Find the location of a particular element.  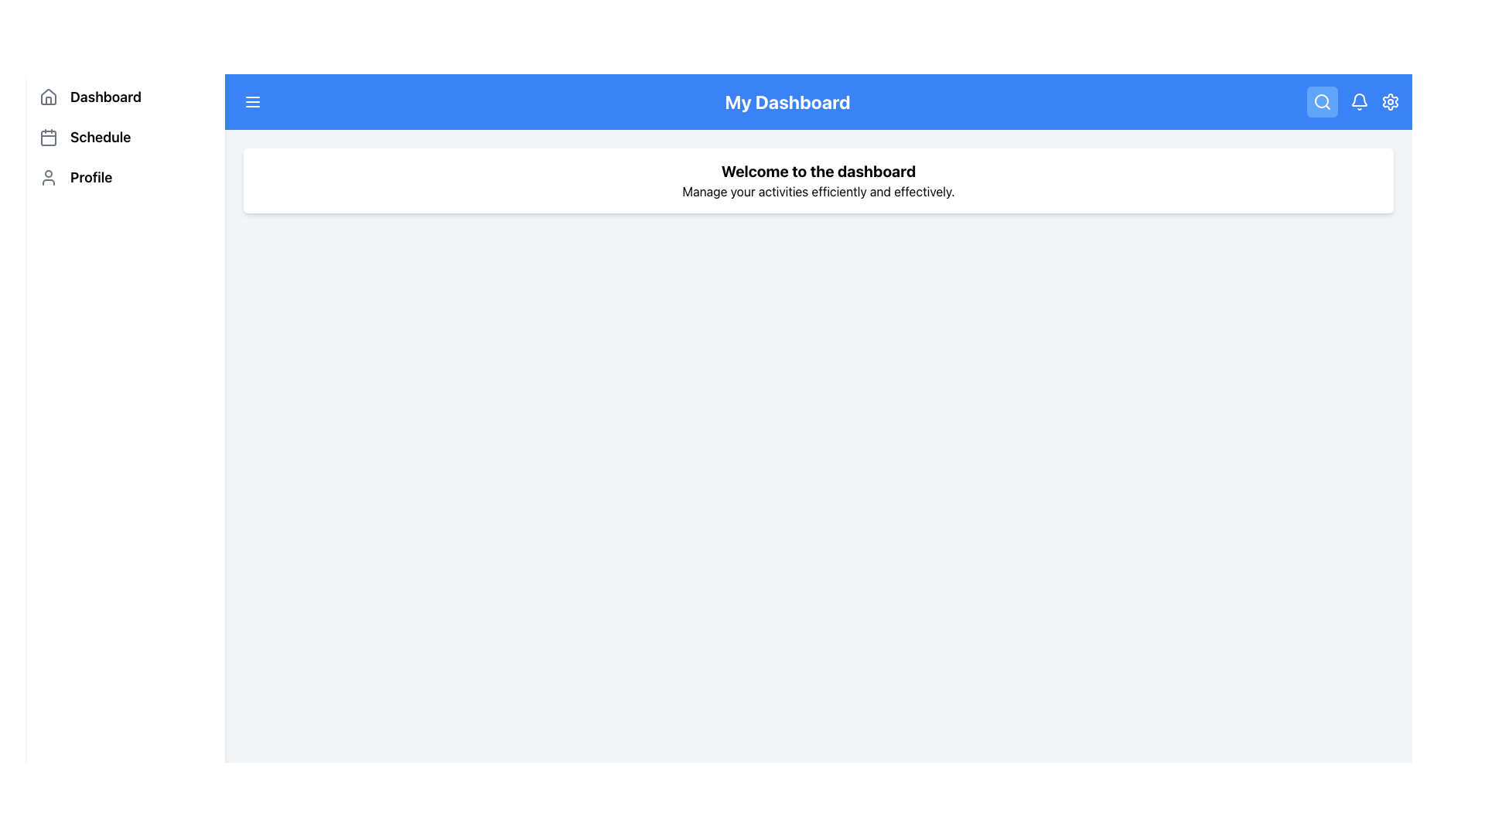

the gear-shaped settings icon located at the top-right corner of the header bar is located at coordinates (1390, 101).